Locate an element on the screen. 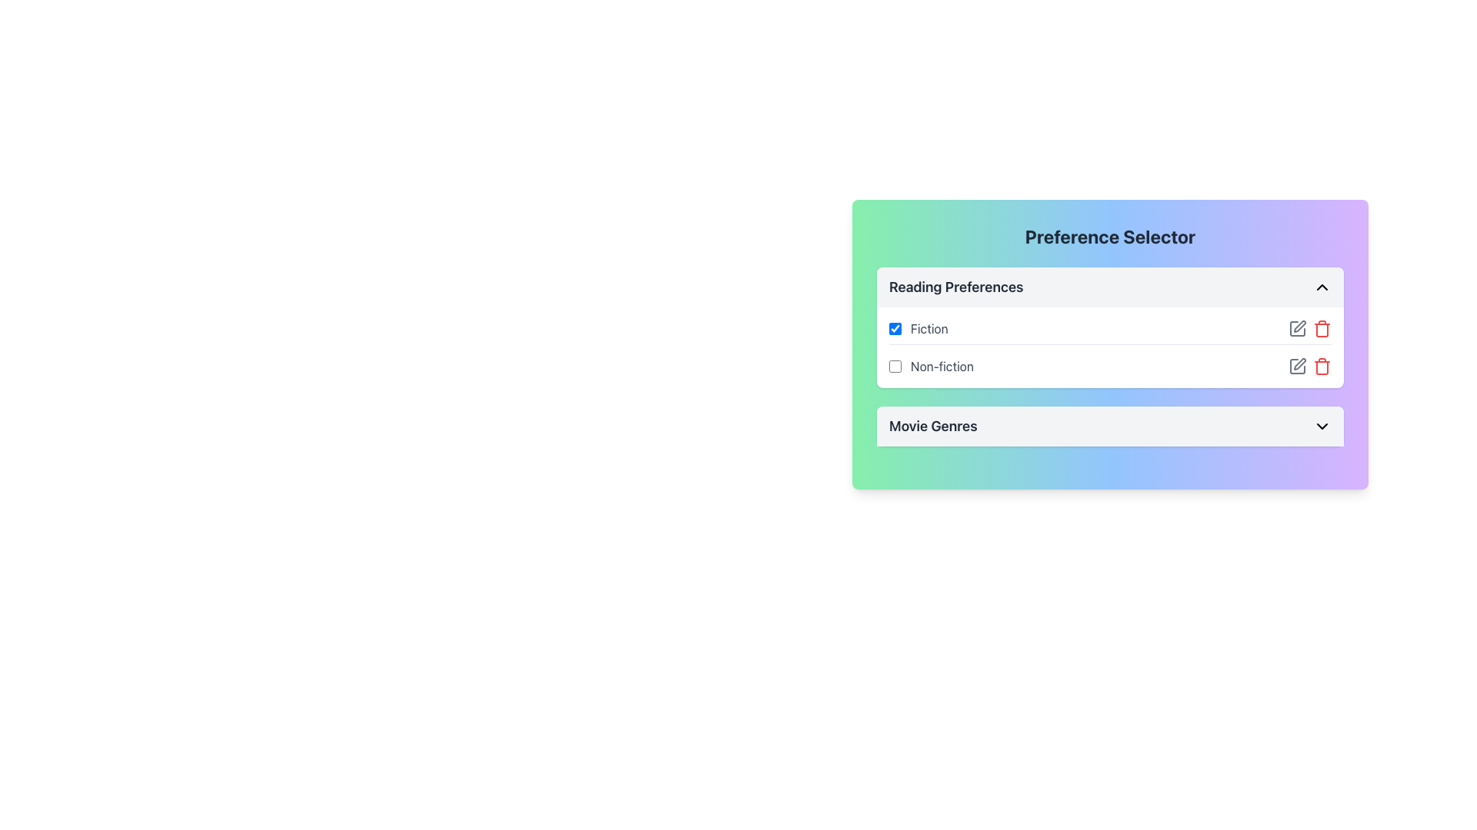 The width and height of the screenshot is (1477, 830). the text label reading 'Non-fiction' styled in gray, located in the 'Reading Preferences' section, beside the checkbox is located at coordinates (941, 367).